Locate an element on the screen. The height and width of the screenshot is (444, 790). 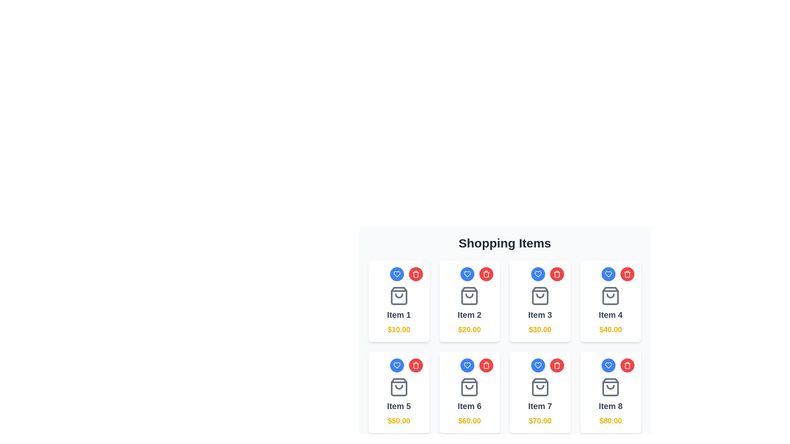
the delete button located in the top-right corner of the card for 'Item 2' to trigger a tooltip or highlight effect is located at coordinates (486, 274).